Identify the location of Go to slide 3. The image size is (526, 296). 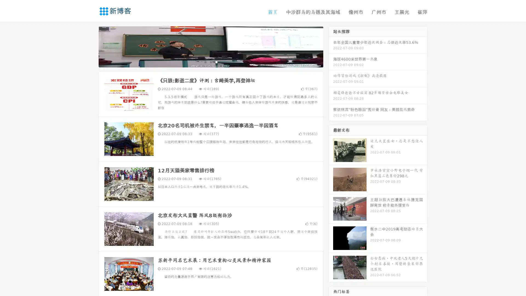
(216, 62).